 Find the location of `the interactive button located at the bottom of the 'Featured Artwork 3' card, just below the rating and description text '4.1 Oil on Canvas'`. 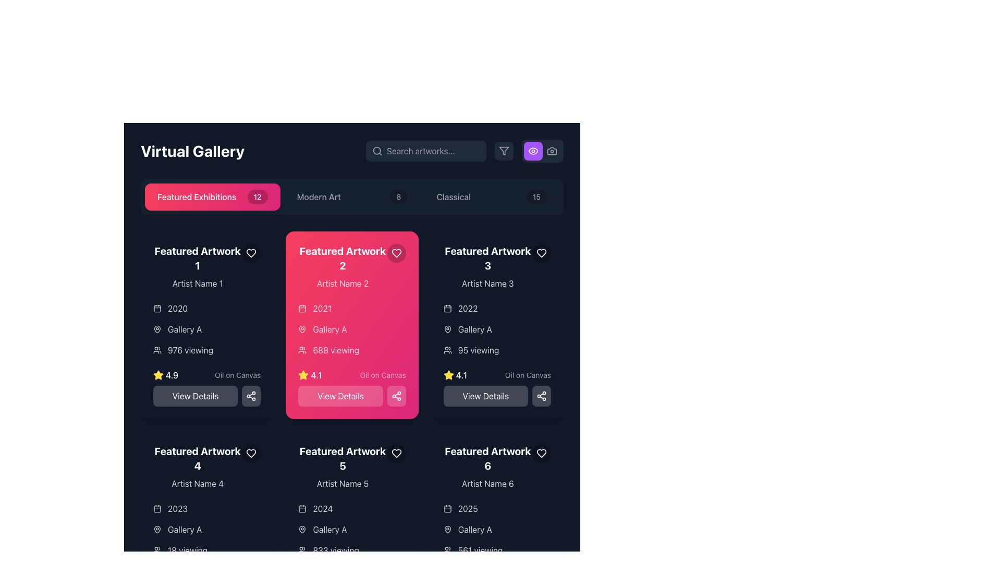

the interactive button located at the bottom of the 'Featured Artwork 3' card, just below the rating and description text '4.1 Oil on Canvas' is located at coordinates (496, 388).